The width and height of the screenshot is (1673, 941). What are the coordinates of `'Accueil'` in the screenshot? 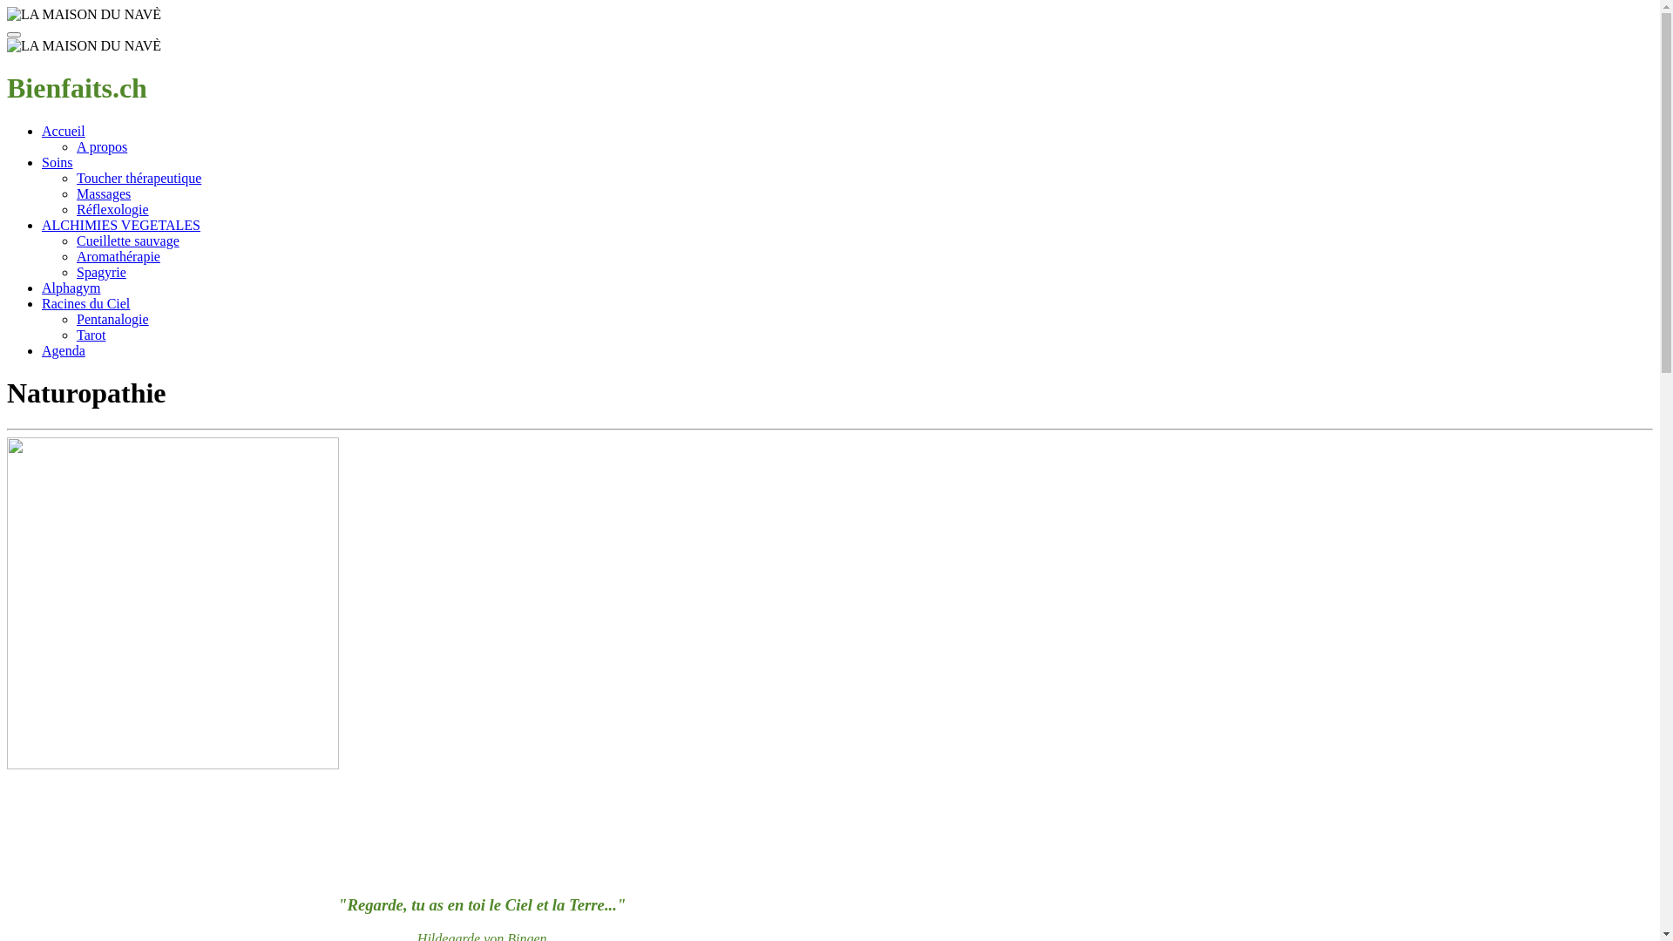 It's located at (63, 130).